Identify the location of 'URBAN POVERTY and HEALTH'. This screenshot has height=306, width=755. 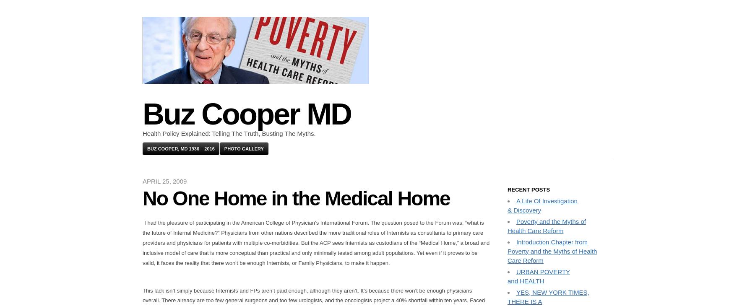
(507, 276).